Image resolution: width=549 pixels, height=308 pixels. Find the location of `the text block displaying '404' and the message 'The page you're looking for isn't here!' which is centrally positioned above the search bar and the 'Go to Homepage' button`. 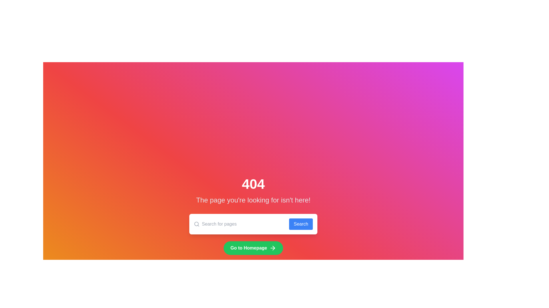

the text block displaying '404' and the message 'The page you're looking for isn't here!' which is centrally positioned above the search bar and the 'Go to Homepage' button is located at coordinates (253, 191).